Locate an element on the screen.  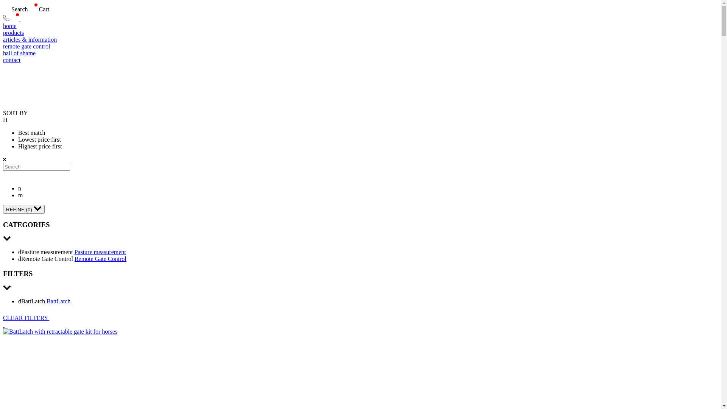
'Remote Gate Control' is located at coordinates (74, 258).